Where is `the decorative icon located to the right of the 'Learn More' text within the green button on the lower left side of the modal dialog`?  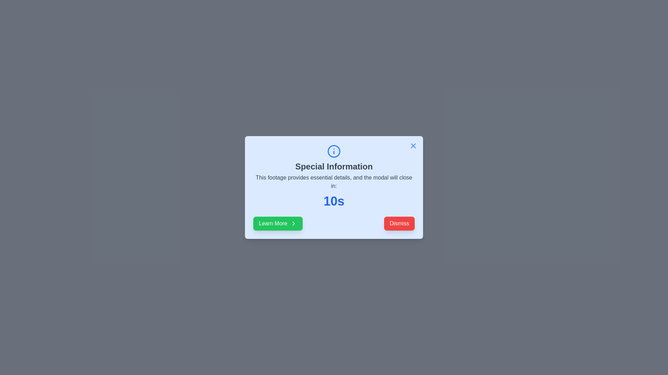
the decorative icon located to the right of the 'Learn More' text within the green button on the lower left side of the modal dialog is located at coordinates (293, 224).